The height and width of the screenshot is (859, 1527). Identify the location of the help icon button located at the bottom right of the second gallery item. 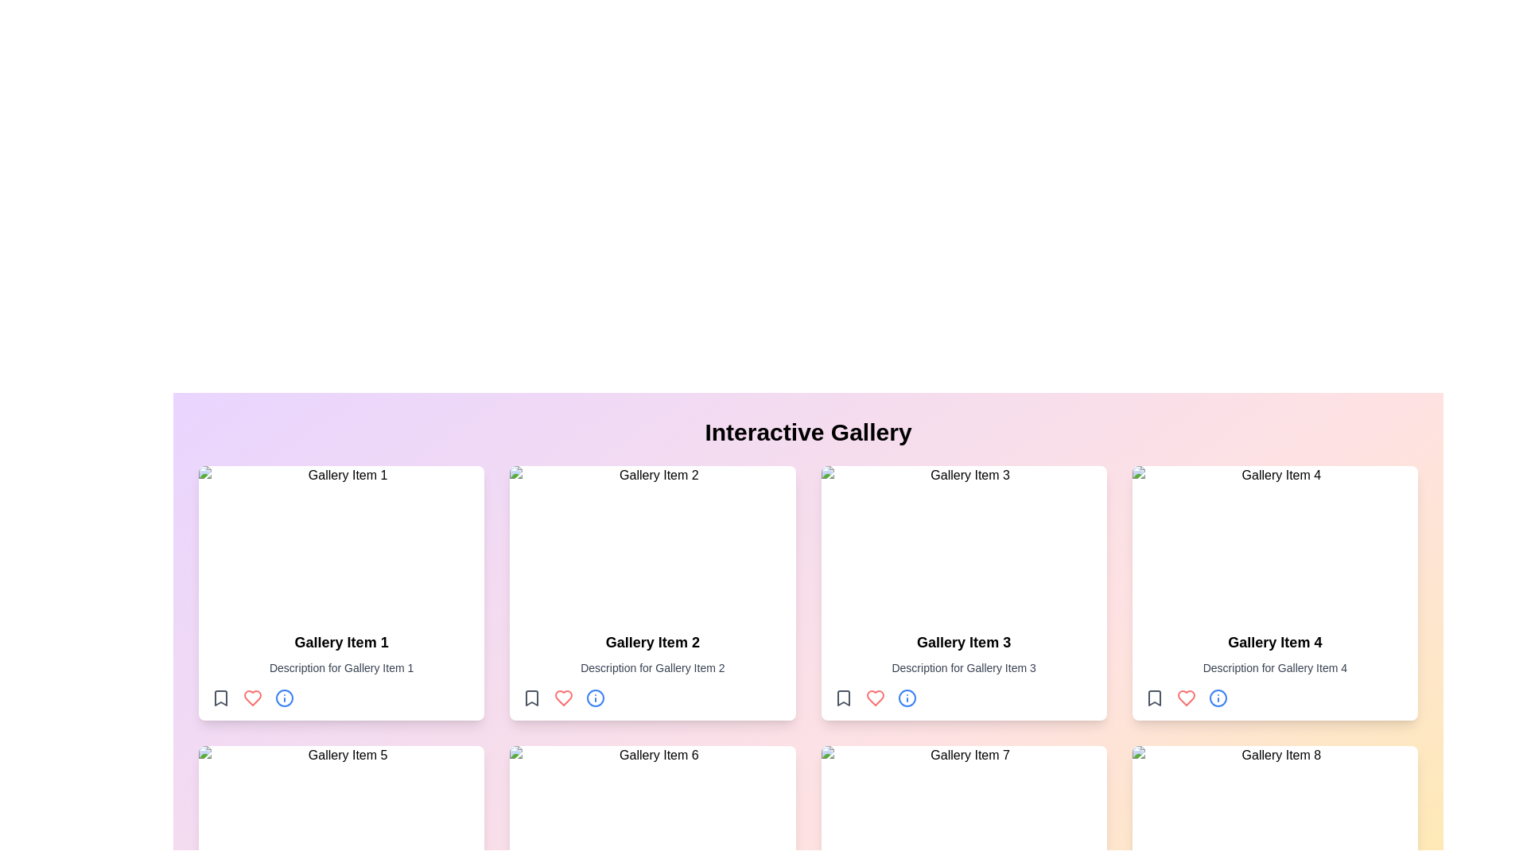
(595, 698).